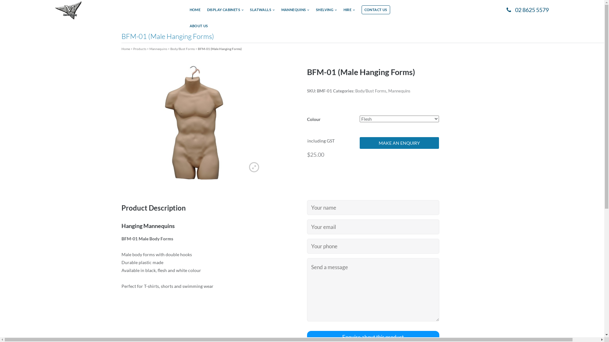 This screenshot has width=609, height=342. Describe the element at coordinates (0, 0) in the screenshot. I see `'Skip to content'` at that location.